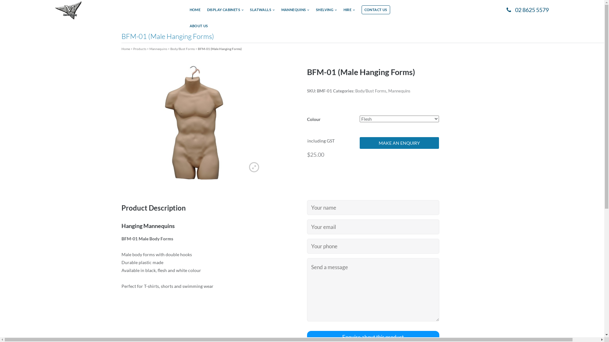 This screenshot has width=609, height=342. Describe the element at coordinates (0, 0) in the screenshot. I see `'Skip to content'` at that location.